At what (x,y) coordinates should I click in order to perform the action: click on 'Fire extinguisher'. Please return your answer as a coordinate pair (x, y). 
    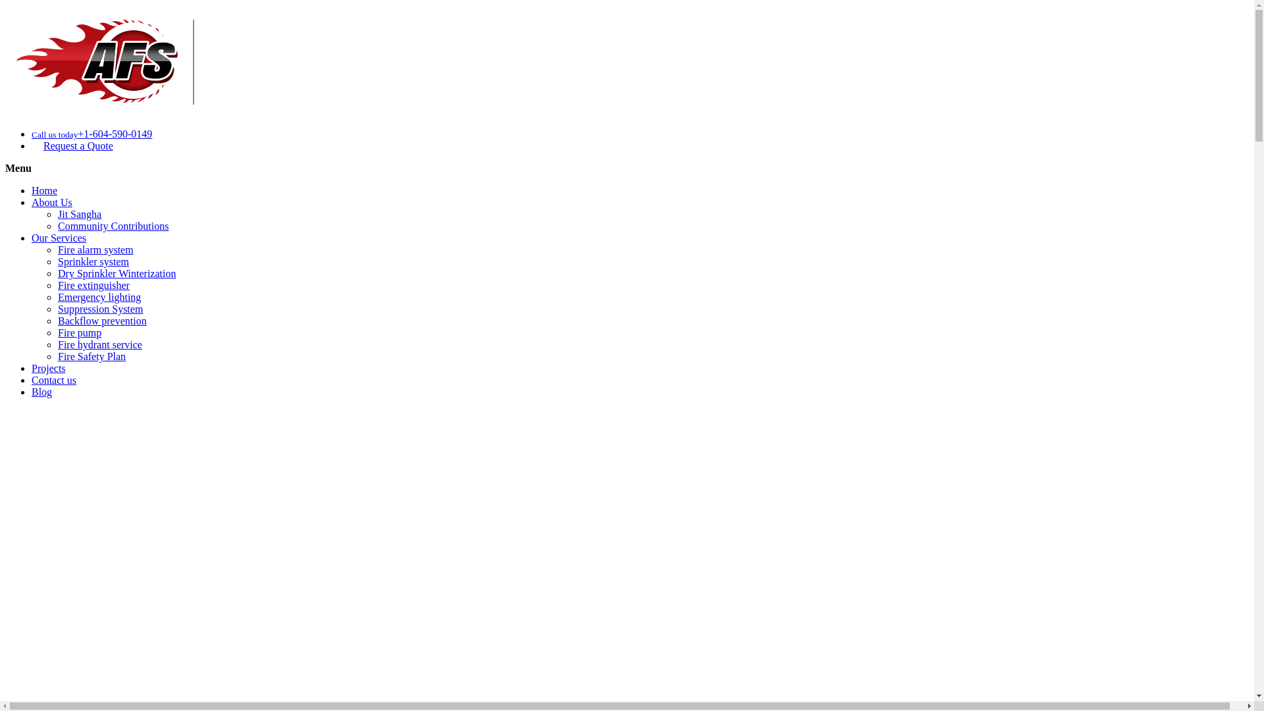
    Looking at the image, I should click on (57, 284).